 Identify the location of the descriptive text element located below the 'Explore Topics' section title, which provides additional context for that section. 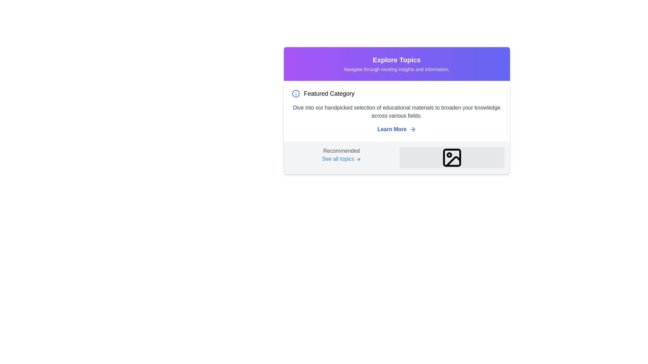
(397, 69).